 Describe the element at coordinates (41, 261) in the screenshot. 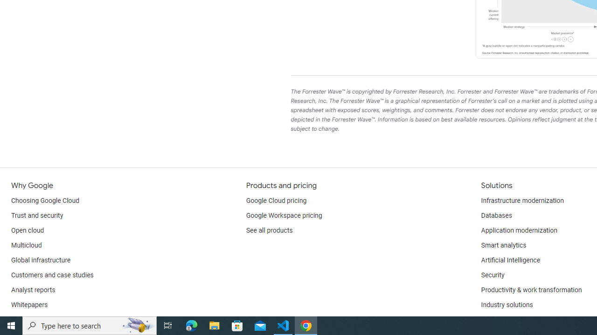

I see `'Global infrastructure'` at that location.